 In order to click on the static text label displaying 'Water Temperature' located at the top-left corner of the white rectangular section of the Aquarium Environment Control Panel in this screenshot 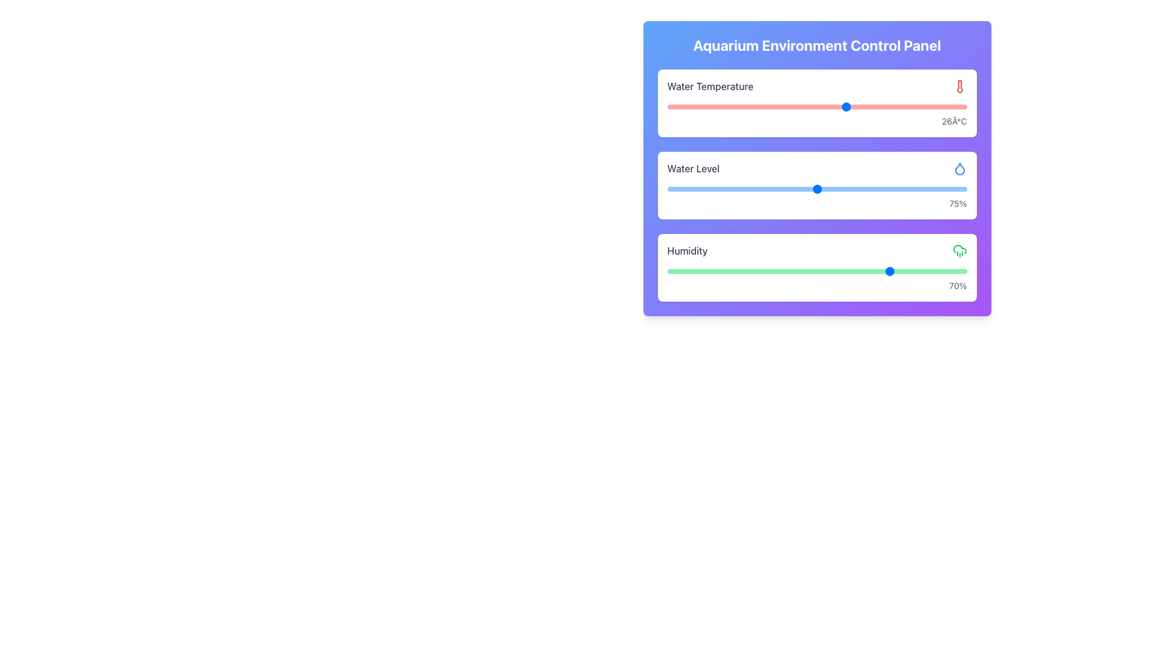, I will do `click(710, 85)`.